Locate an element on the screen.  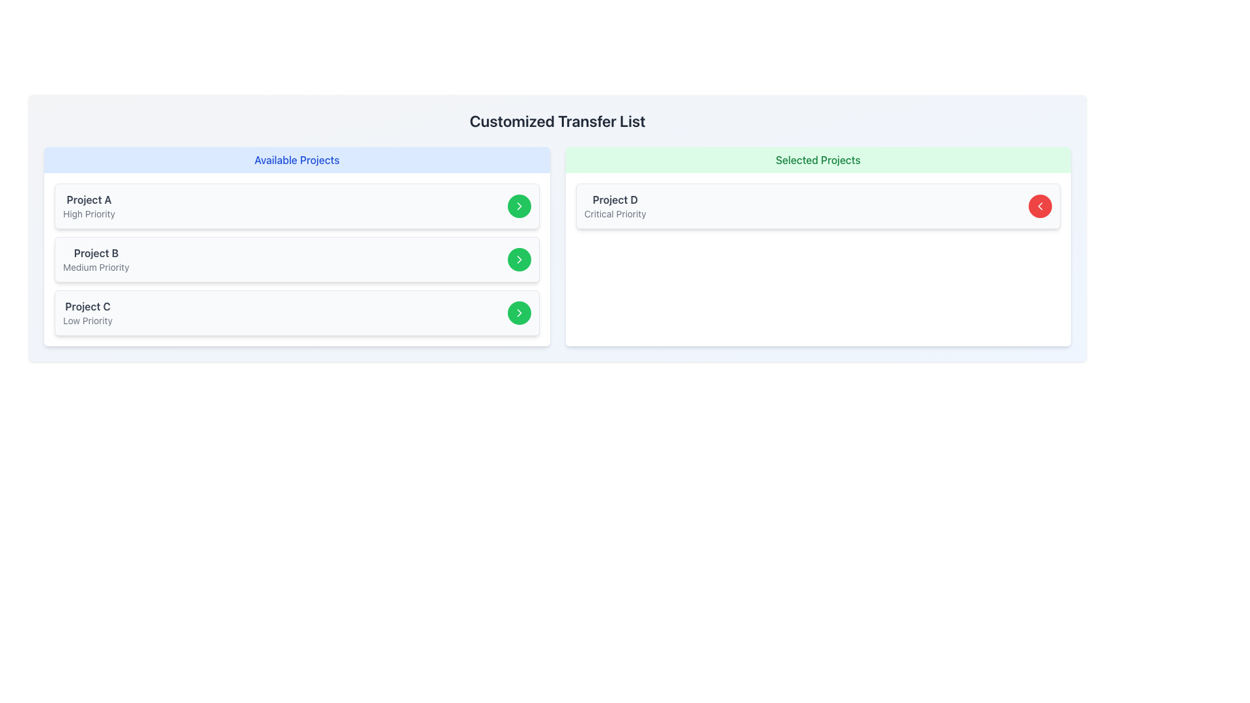
the transfer button for 'Project C' located on the far-right side of the 'Available Projects' section is located at coordinates (518, 313).